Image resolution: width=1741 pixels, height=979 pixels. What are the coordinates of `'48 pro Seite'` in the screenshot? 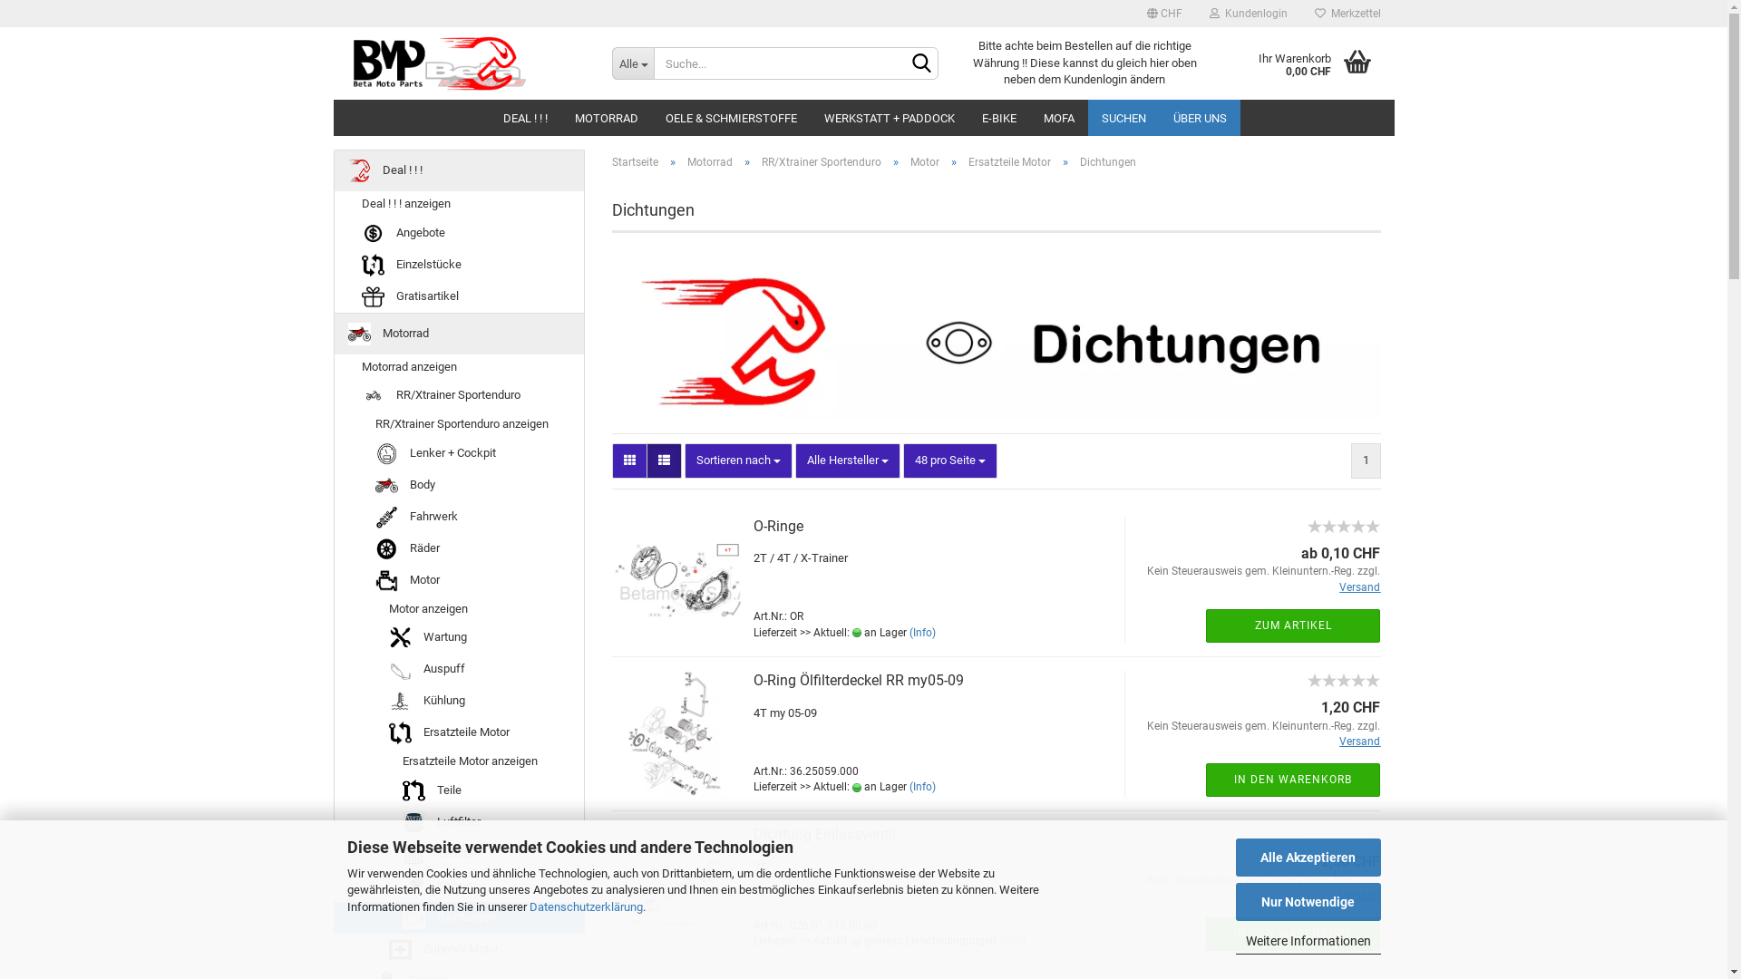 It's located at (948, 460).